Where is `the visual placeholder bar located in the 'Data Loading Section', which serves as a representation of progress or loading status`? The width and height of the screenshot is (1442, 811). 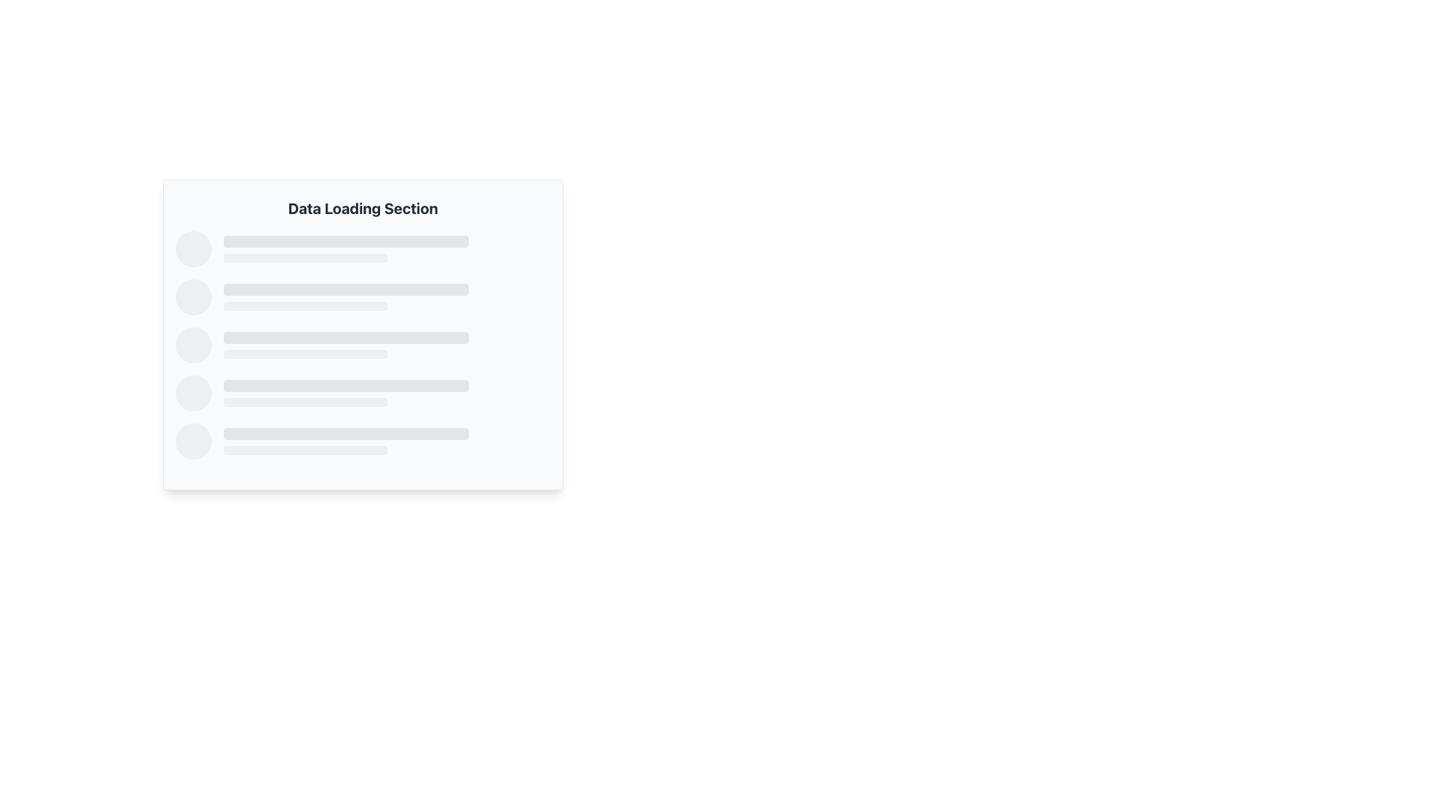
the visual placeholder bar located in the 'Data Loading Section', which serves as a representation of progress or loading status is located at coordinates (345, 434).